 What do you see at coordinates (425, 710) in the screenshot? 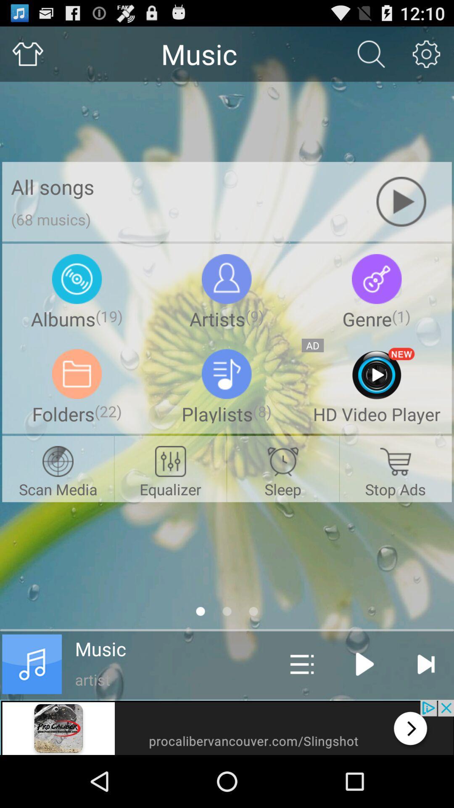
I see `the skip_next icon` at bounding box center [425, 710].